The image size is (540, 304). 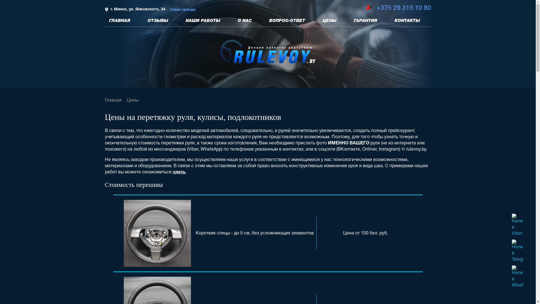 What do you see at coordinates (376, 8) in the screenshot?
I see `'+375 29 315 10 80'` at bounding box center [376, 8].